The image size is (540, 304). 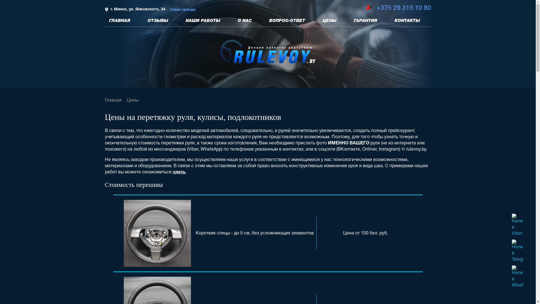 What do you see at coordinates (376, 8) in the screenshot?
I see `'+375 29 315 10 80'` at bounding box center [376, 8].